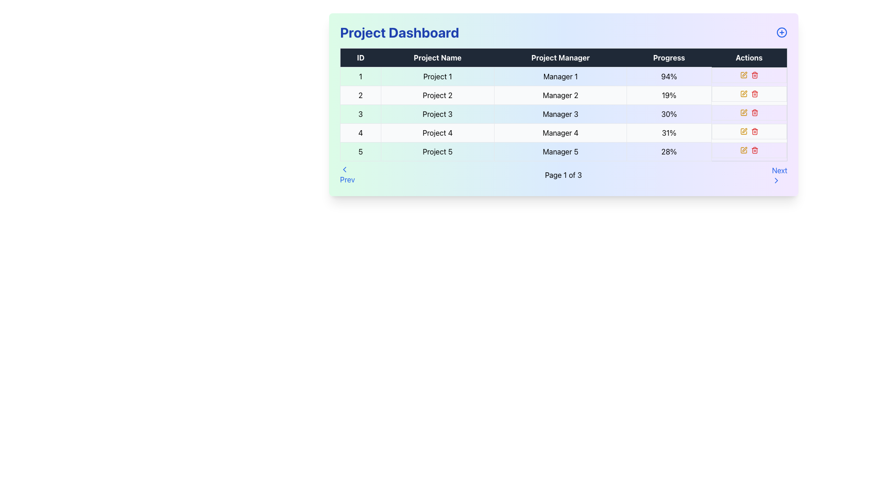  I want to click on the editing icon button resembling a pen located in the 'Actions' column of the data table for 'Project 5', so click(744, 148).